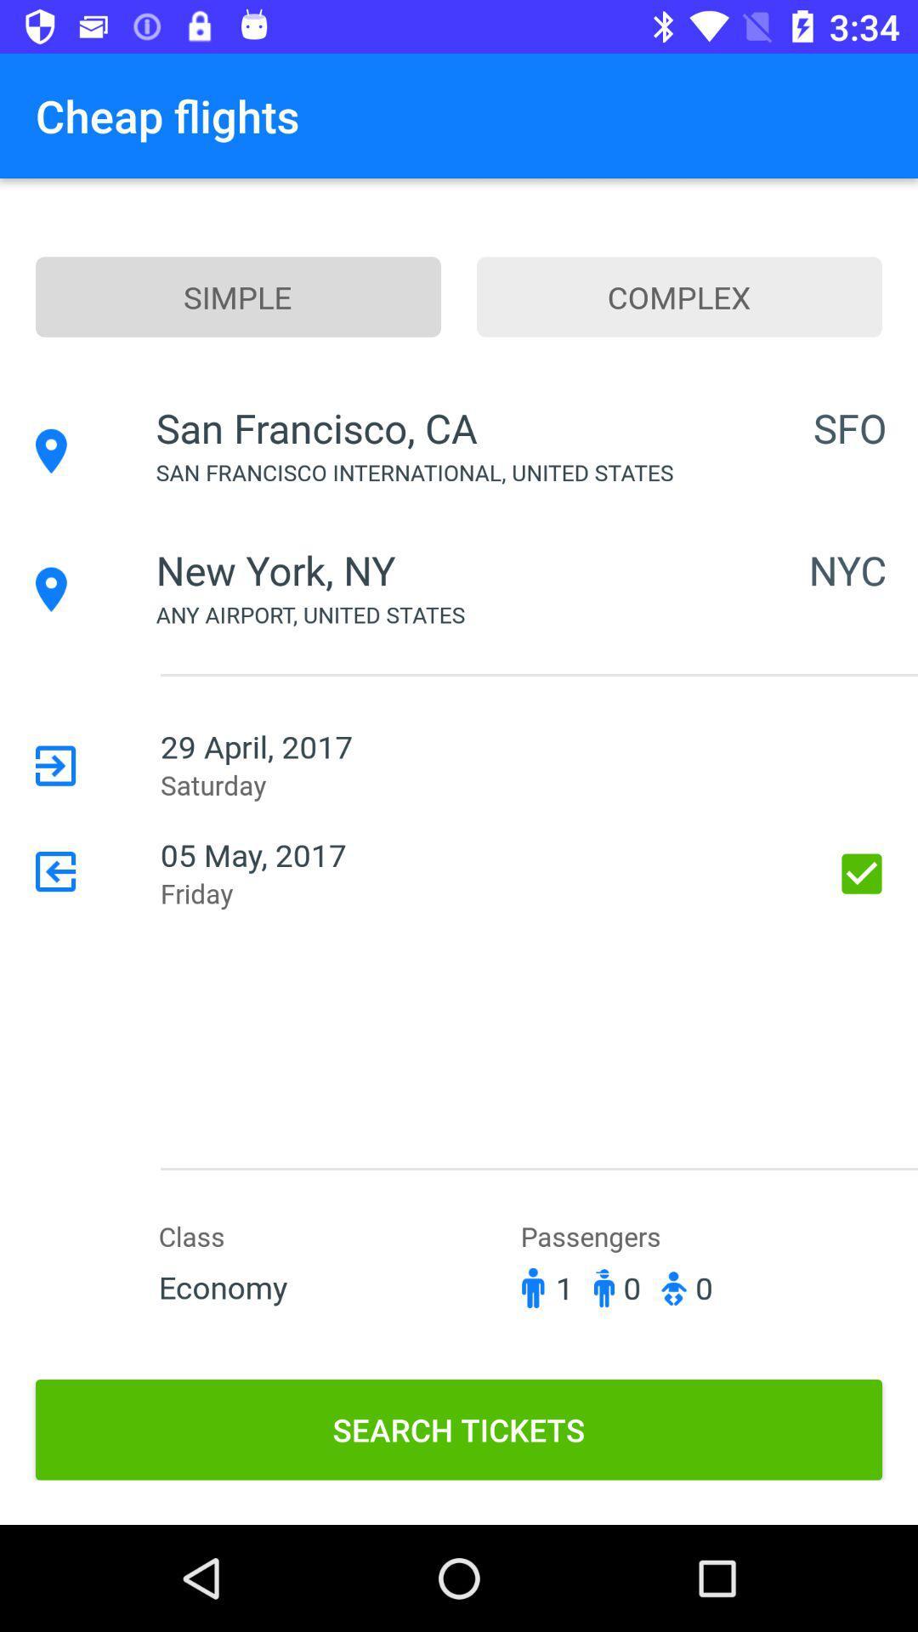 This screenshot has height=1632, width=918. What do you see at coordinates (678, 297) in the screenshot?
I see `complex icon` at bounding box center [678, 297].